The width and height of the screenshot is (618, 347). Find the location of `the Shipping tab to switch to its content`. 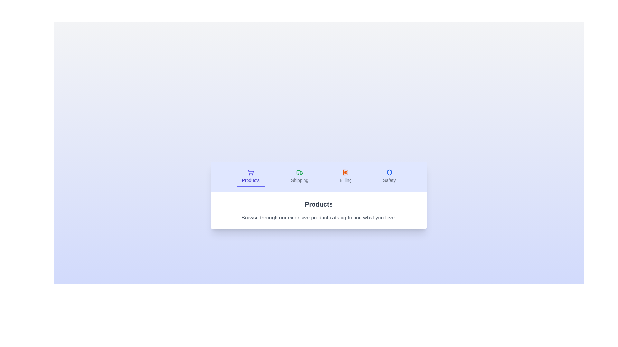

the Shipping tab to switch to its content is located at coordinates (299, 177).